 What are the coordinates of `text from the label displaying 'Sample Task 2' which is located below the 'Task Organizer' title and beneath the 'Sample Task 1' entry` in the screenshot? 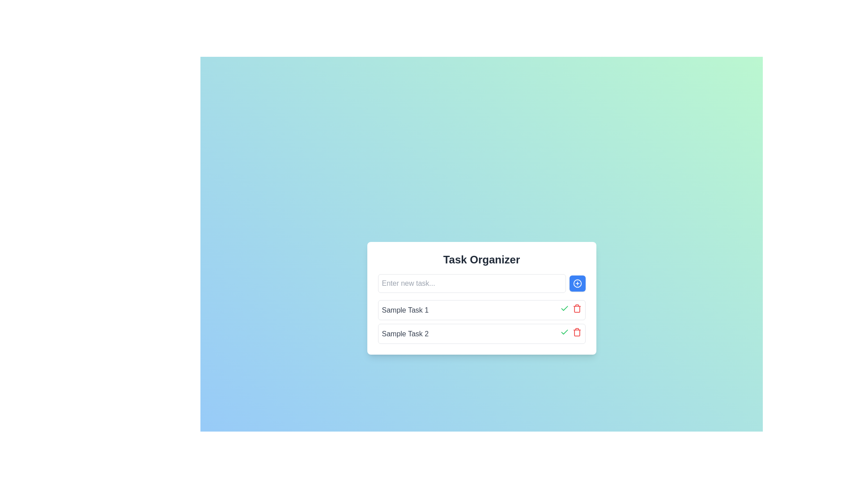 It's located at (404, 334).